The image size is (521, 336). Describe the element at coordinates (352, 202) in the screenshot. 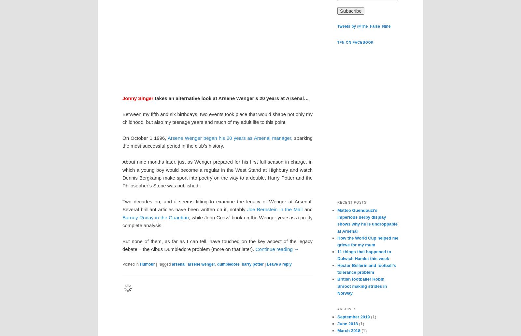

I see `'Recent Posts'` at that location.